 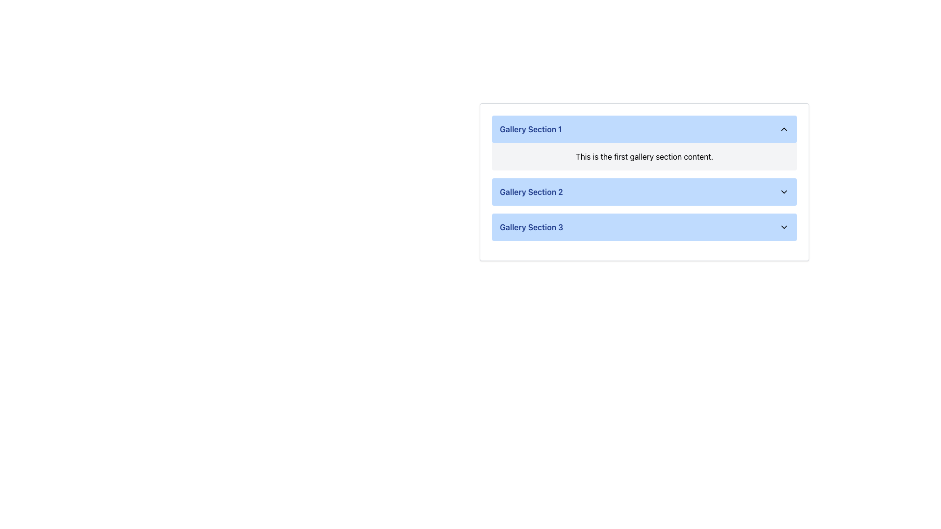 What do you see at coordinates (644, 143) in the screenshot?
I see `the header of the first collapsible section` at bounding box center [644, 143].